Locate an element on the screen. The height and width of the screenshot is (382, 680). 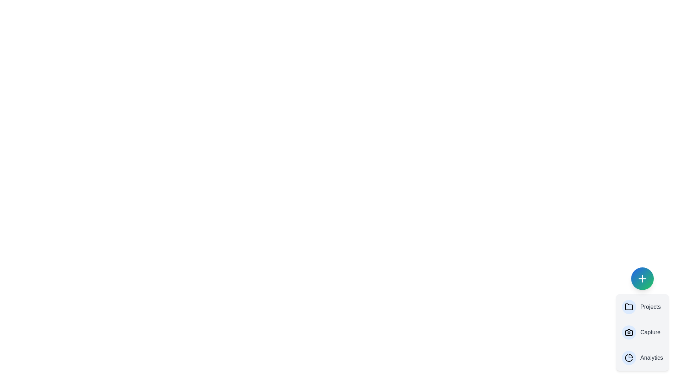
'+' button to toggle the speed dial menu is located at coordinates (642, 278).